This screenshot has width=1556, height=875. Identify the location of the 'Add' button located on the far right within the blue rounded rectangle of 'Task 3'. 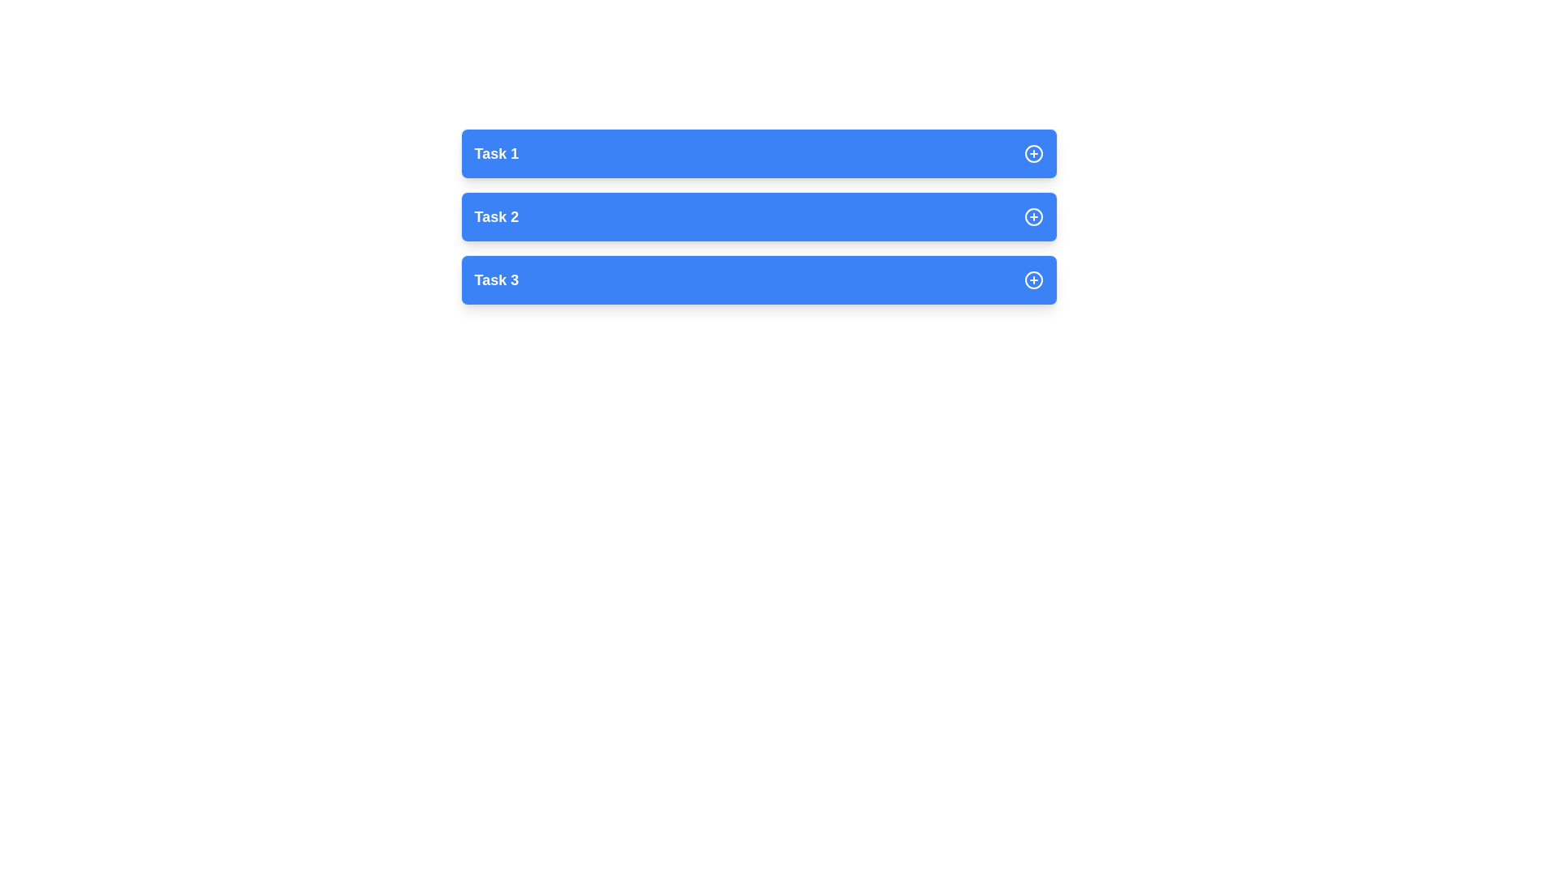
(1032, 280).